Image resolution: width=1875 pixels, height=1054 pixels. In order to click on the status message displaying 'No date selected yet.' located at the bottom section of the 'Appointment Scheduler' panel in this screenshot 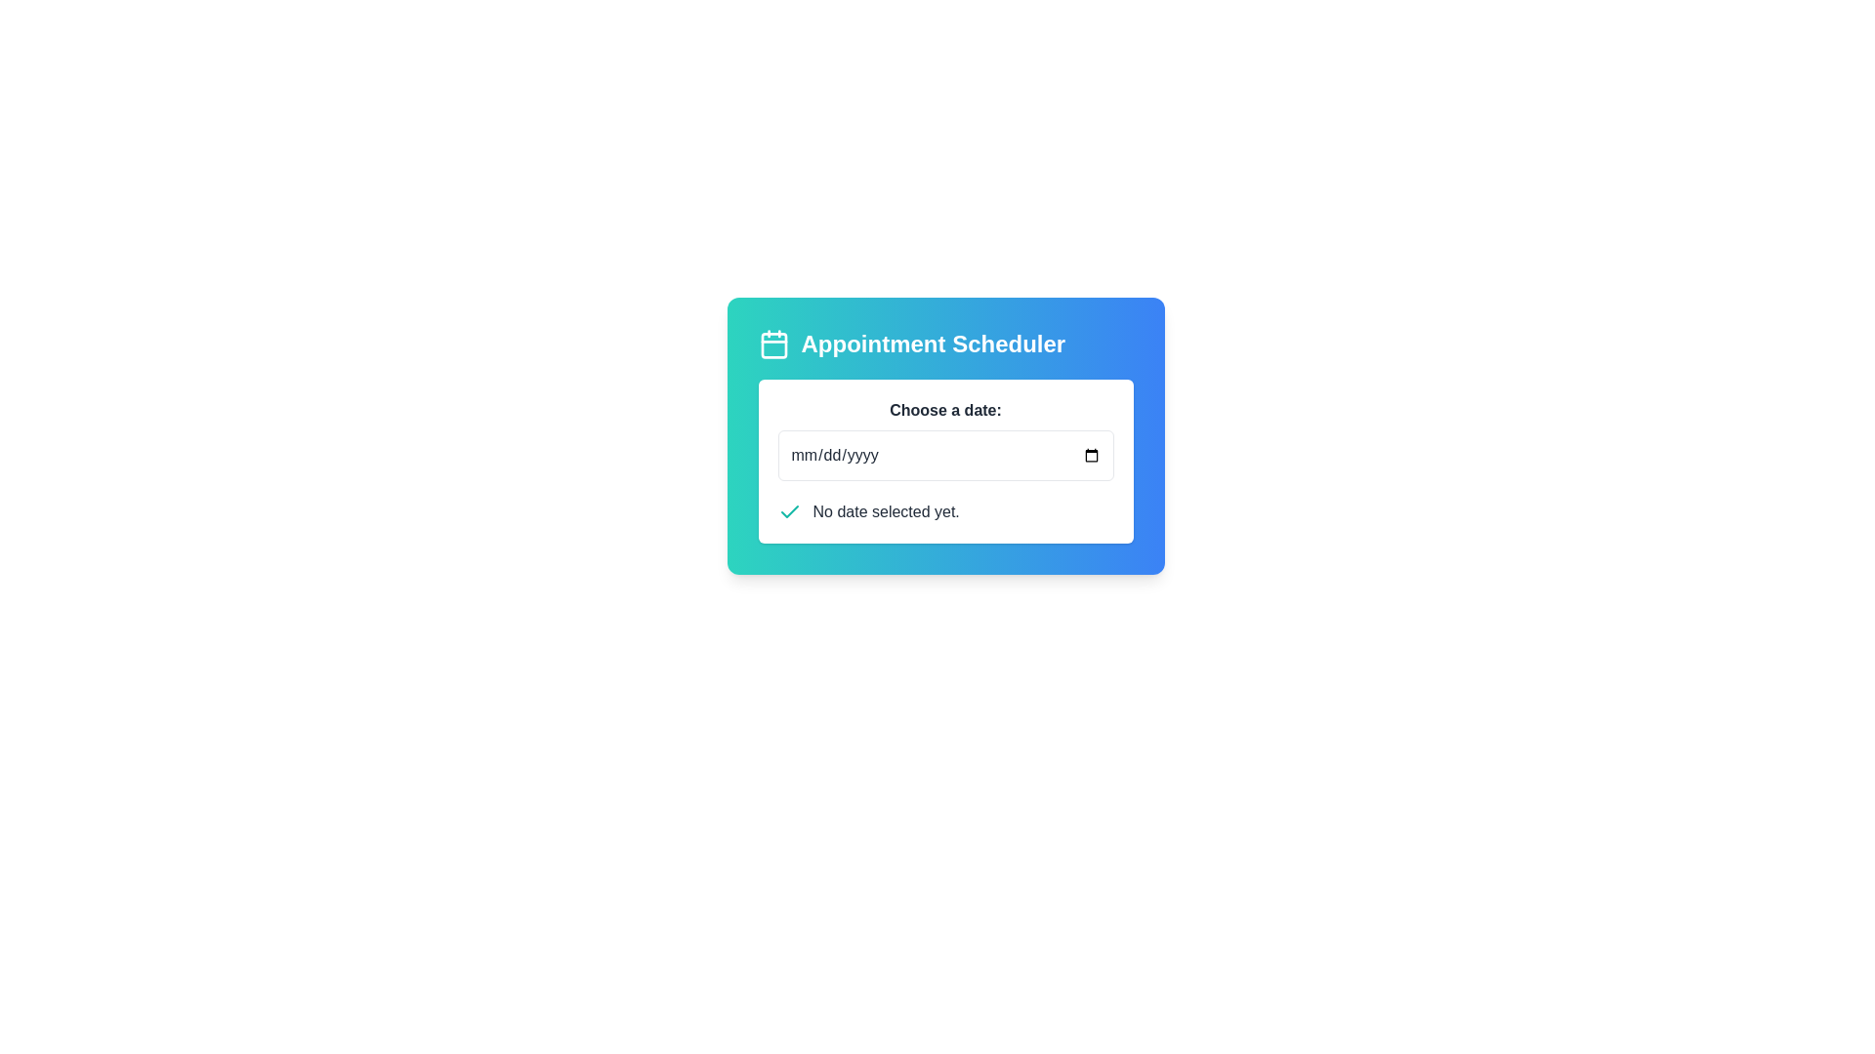, I will do `click(945, 510)`.